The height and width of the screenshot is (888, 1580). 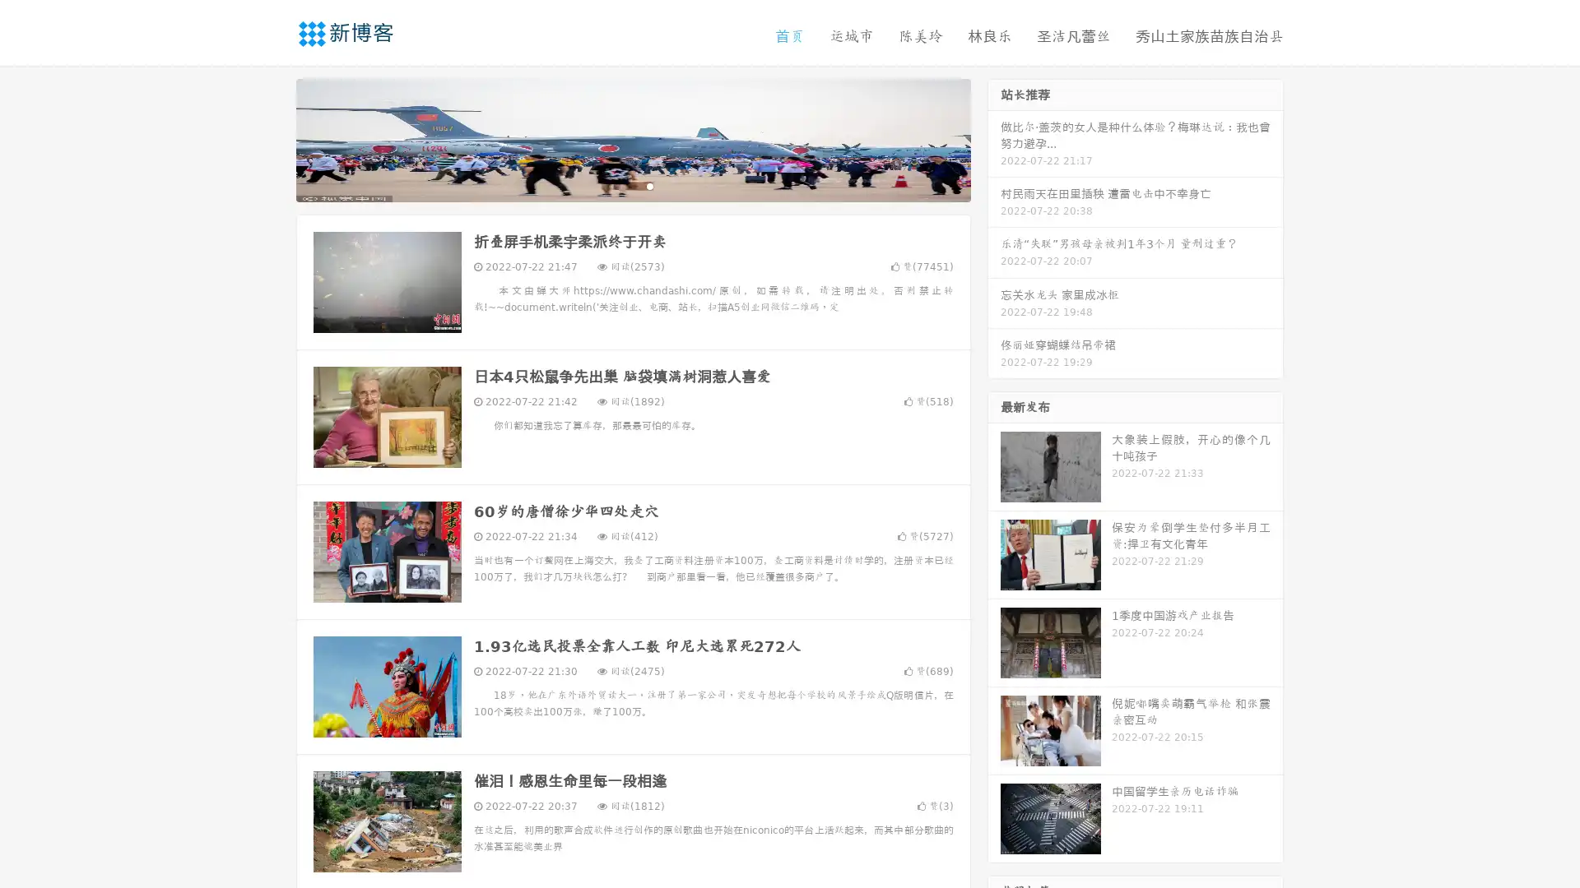 I want to click on Go to slide 2, so click(x=632, y=185).